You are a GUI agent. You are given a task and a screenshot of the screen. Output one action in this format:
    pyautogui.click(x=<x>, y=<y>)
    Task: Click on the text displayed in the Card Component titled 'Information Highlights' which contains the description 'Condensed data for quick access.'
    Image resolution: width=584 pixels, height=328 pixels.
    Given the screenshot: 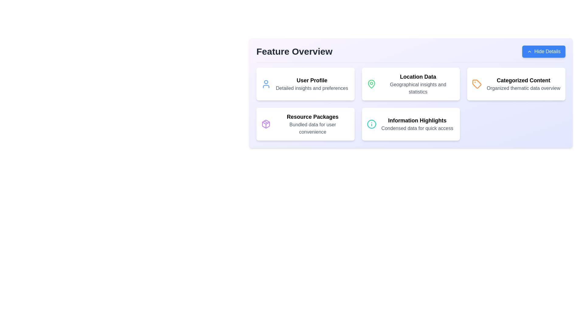 What is the action you would take?
    pyautogui.click(x=411, y=124)
    